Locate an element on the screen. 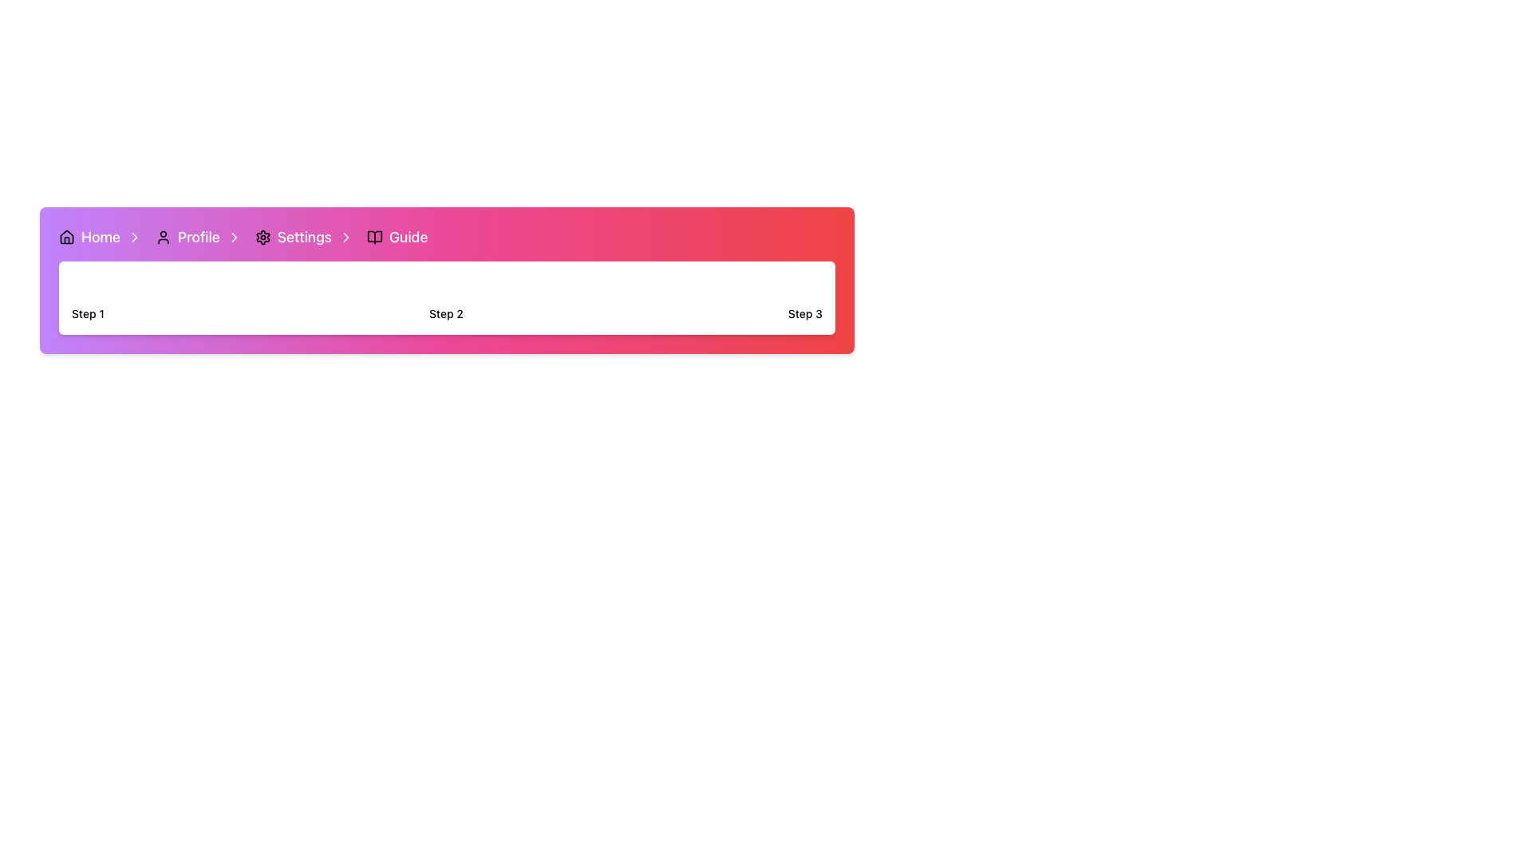  the house icon located on the leftmost side of the navigation bar is located at coordinates (65, 237).